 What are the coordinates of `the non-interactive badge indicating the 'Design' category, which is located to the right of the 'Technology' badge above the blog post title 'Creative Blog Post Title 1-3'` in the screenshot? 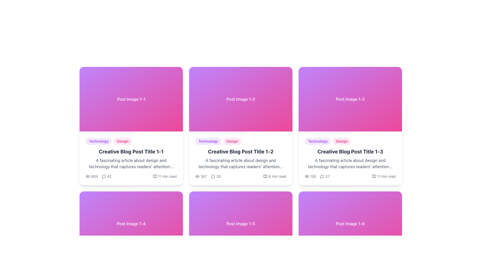 It's located at (342, 141).